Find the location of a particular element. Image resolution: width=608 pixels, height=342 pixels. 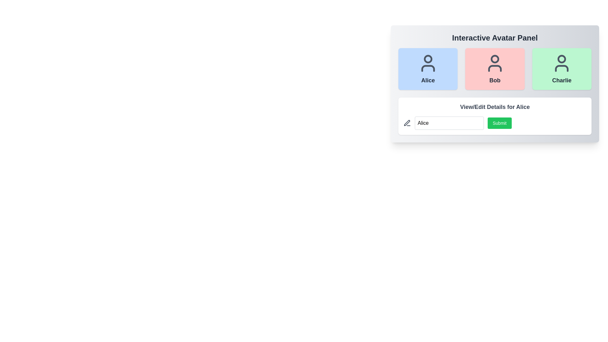

the text label displaying 'Bob' in a bold, large font, located within a pink rectangular card, to focus on it is located at coordinates (495, 80).